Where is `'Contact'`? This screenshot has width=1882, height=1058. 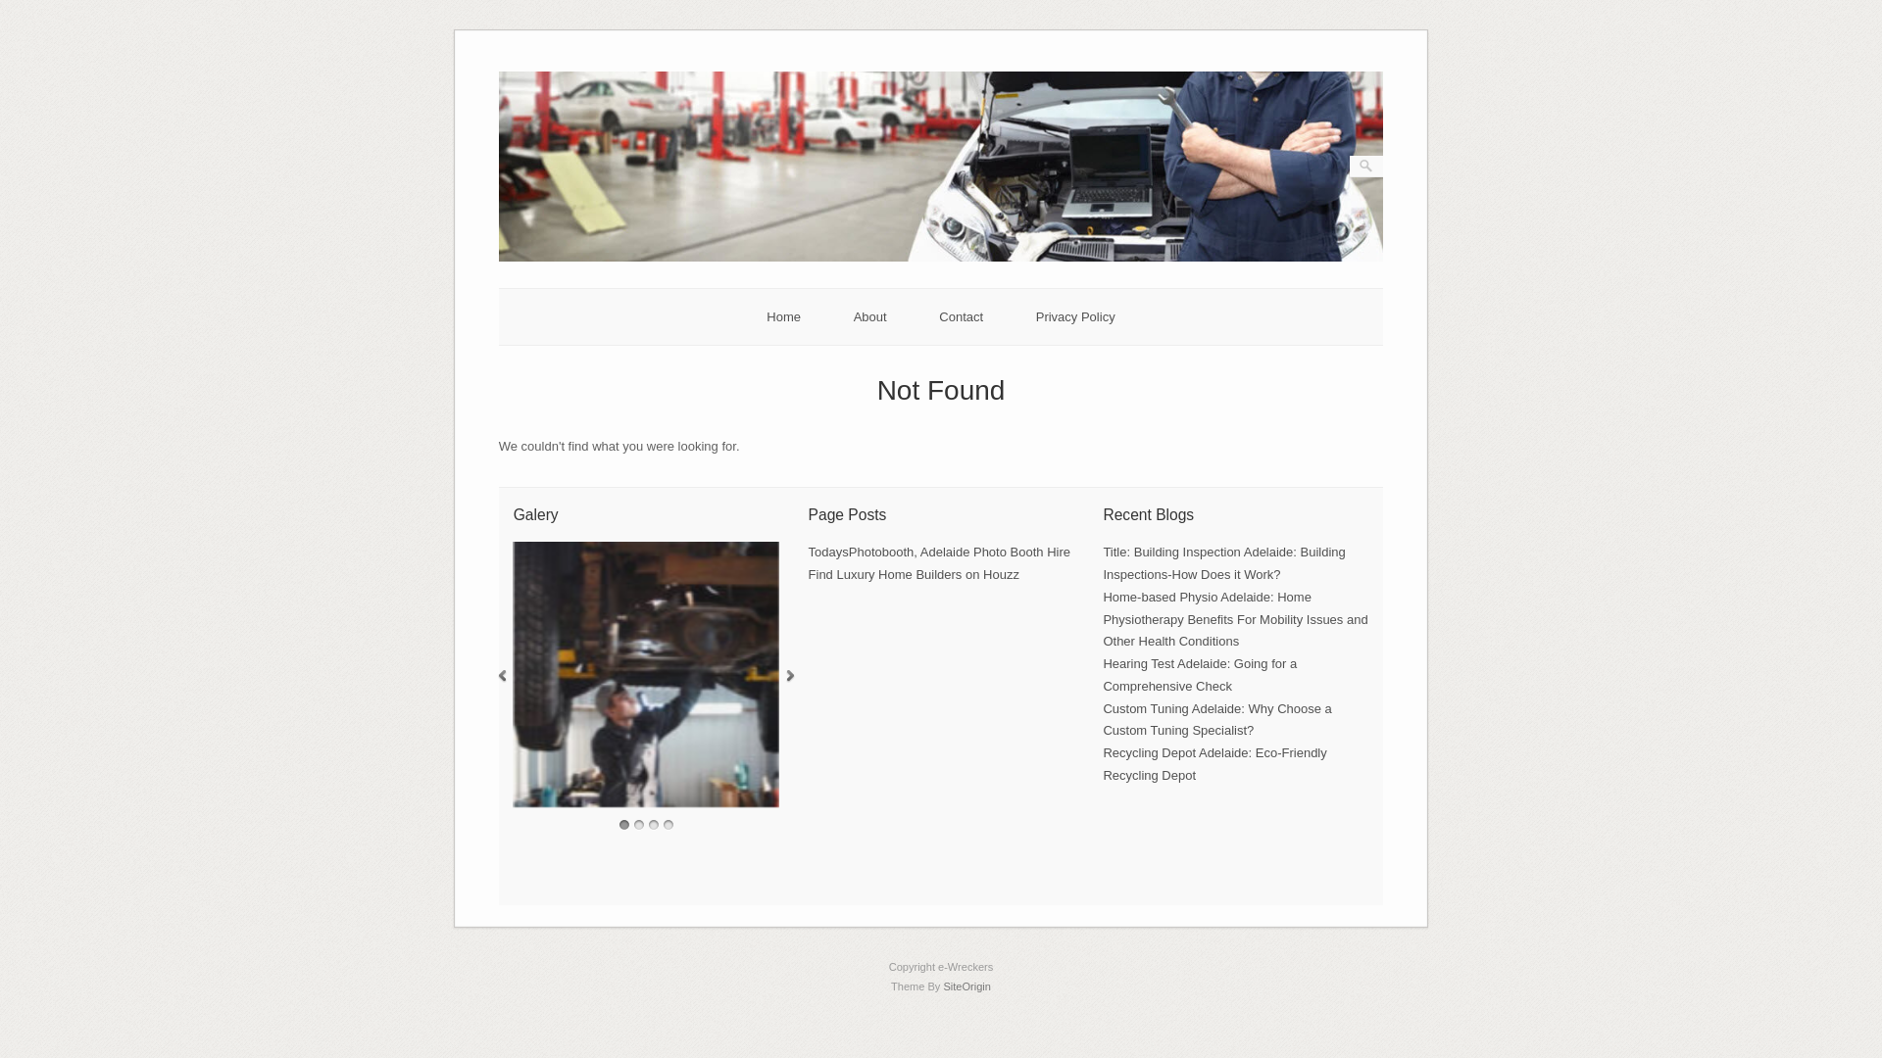
'Contact' is located at coordinates (961, 315).